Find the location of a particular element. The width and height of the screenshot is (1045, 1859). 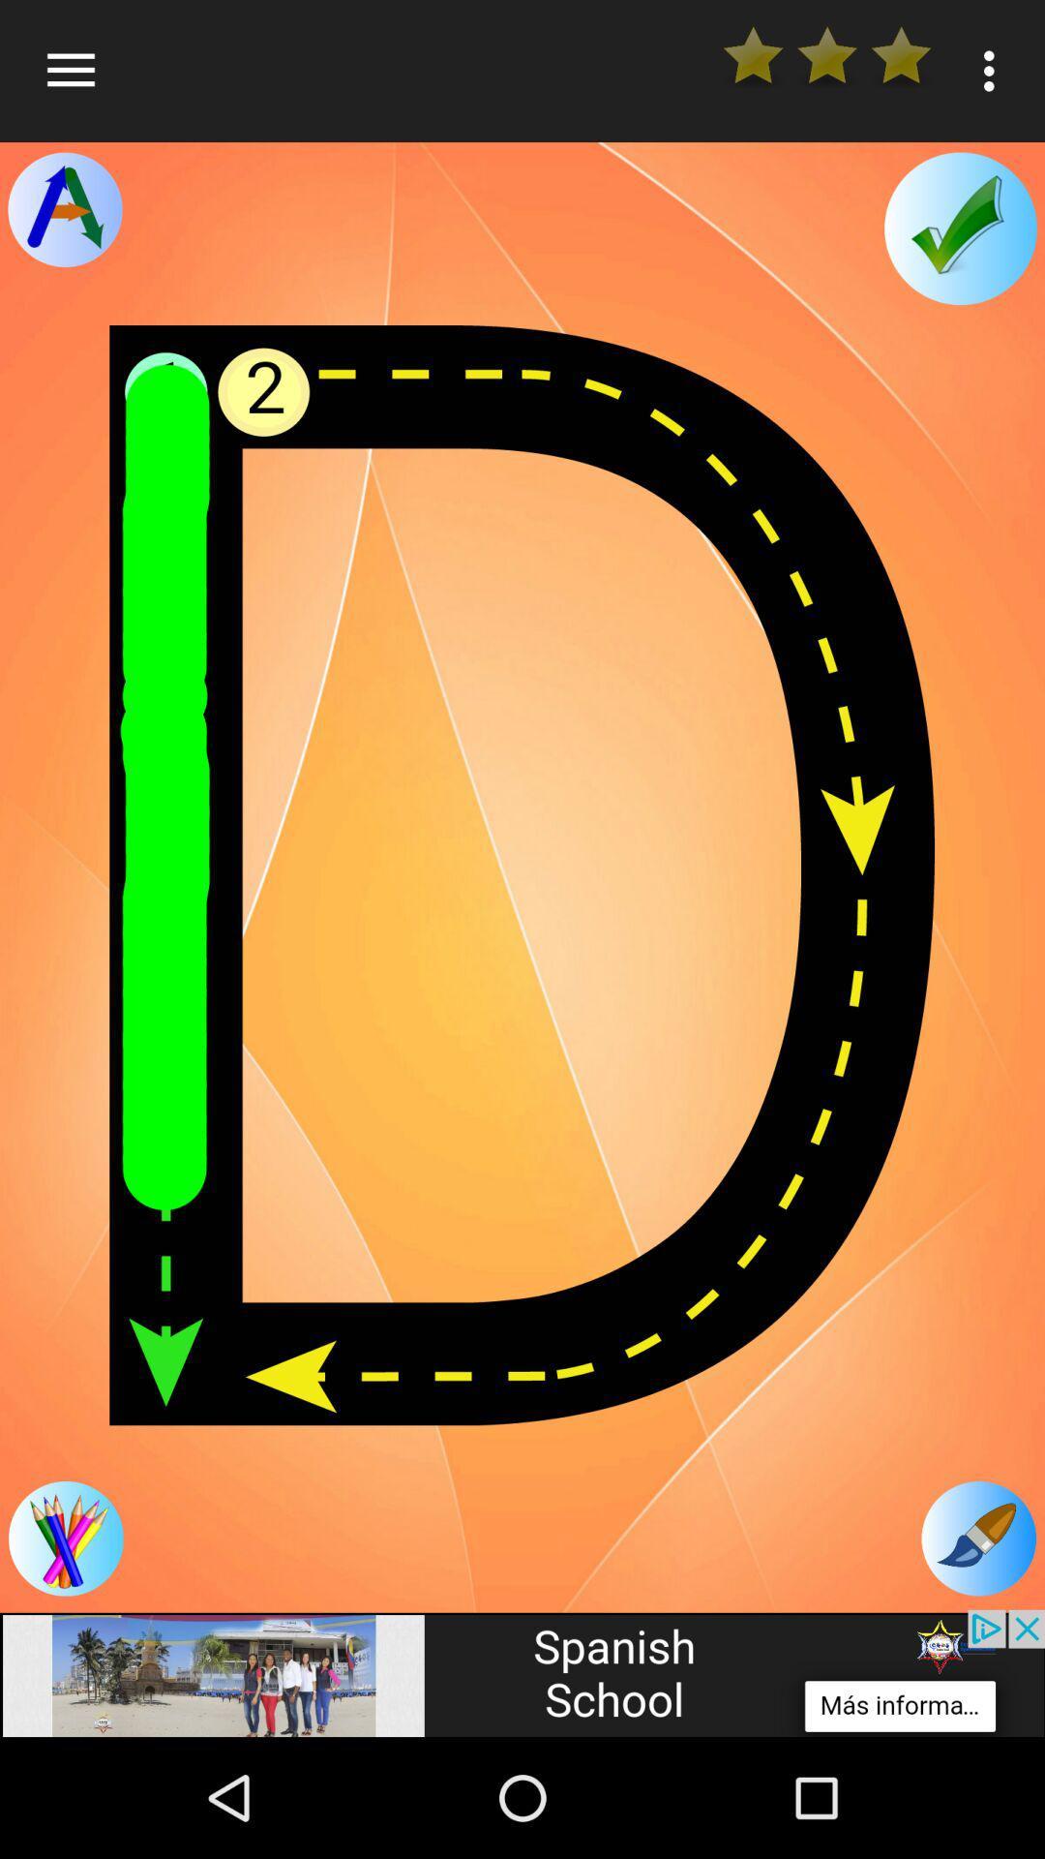

follow the arrows to complete the letter is located at coordinates (65, 1538).